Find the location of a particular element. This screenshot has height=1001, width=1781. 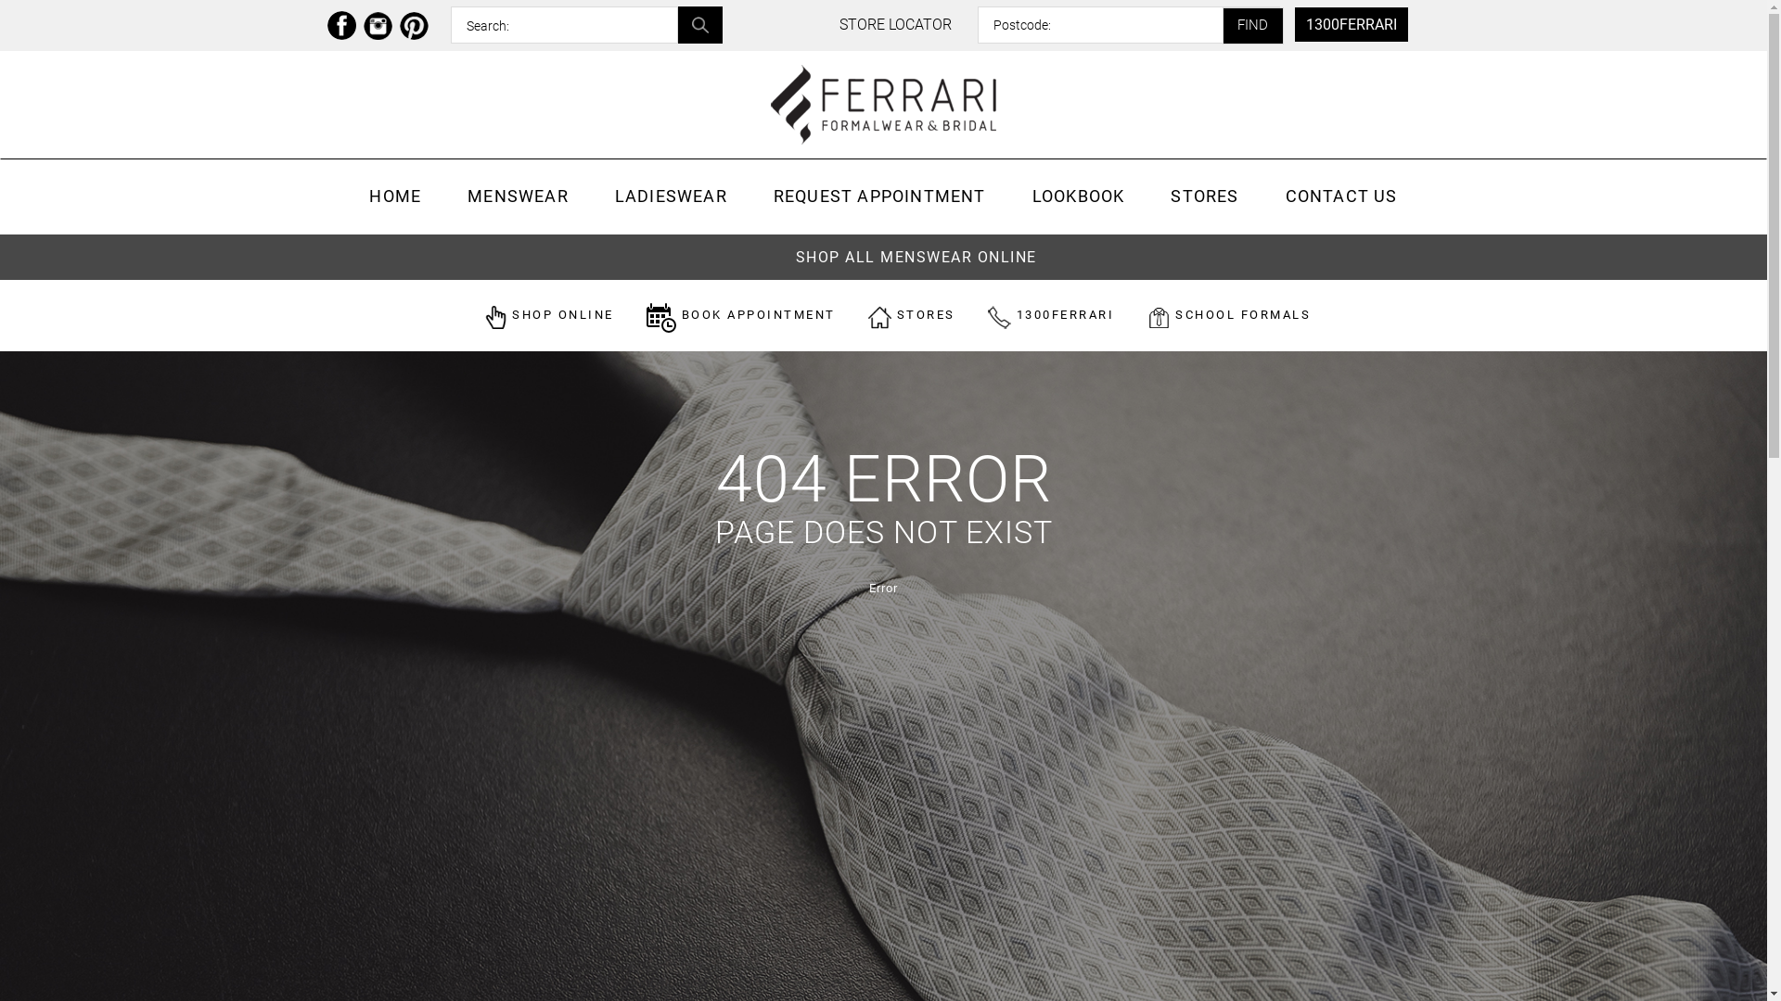

'LADIESWEAR' is located at coordinates (670, 196).